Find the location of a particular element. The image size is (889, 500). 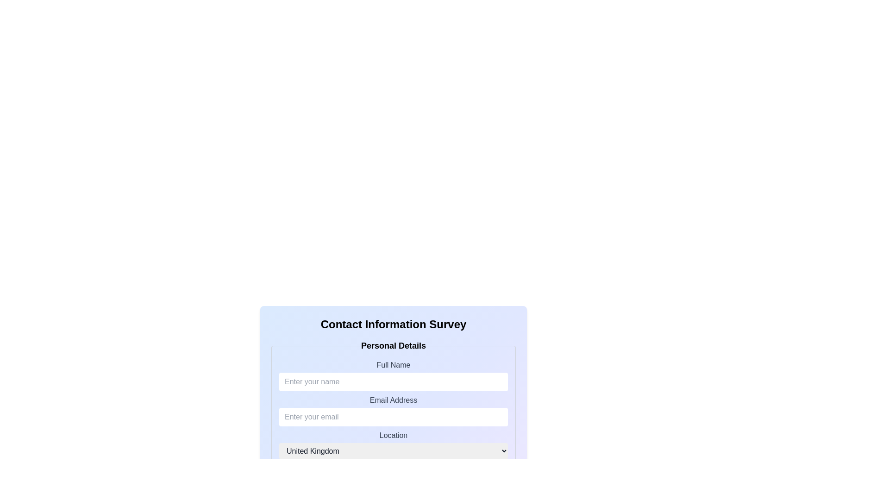

a country from the dropdown menu labeled 'Location' located in the 'Personal Details' section, which has a gray background and a black downward-facing arrow icon is located at coordinates (393, 444).